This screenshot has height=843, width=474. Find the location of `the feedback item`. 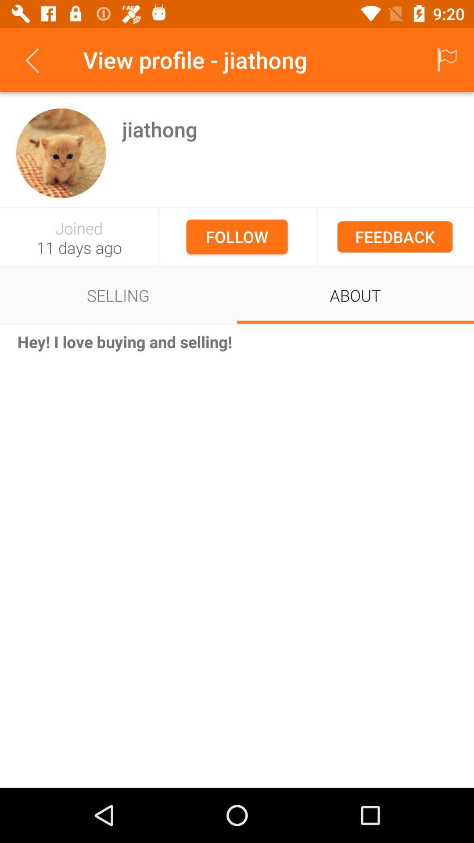

the feedback item is located at coordinates (394, 237).